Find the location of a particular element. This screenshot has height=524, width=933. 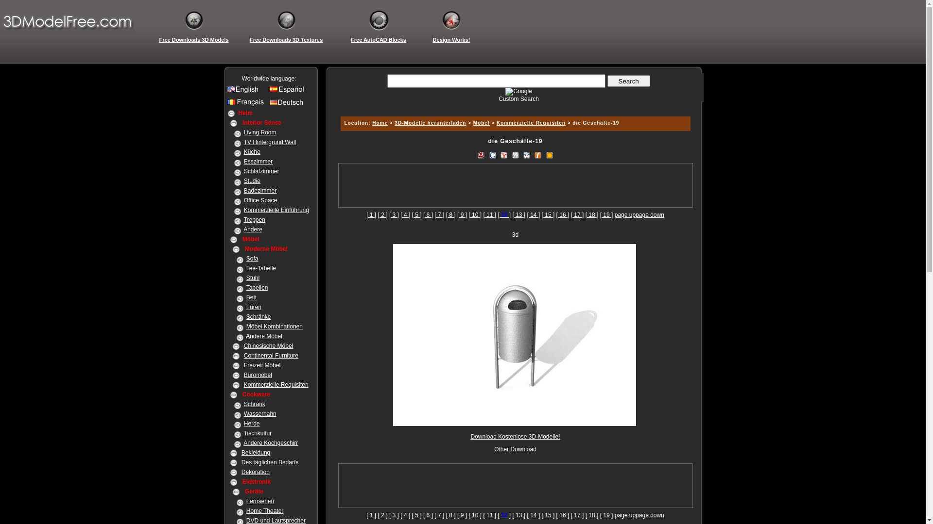

'Continental Furniture' is located at coordinates (271, 355).